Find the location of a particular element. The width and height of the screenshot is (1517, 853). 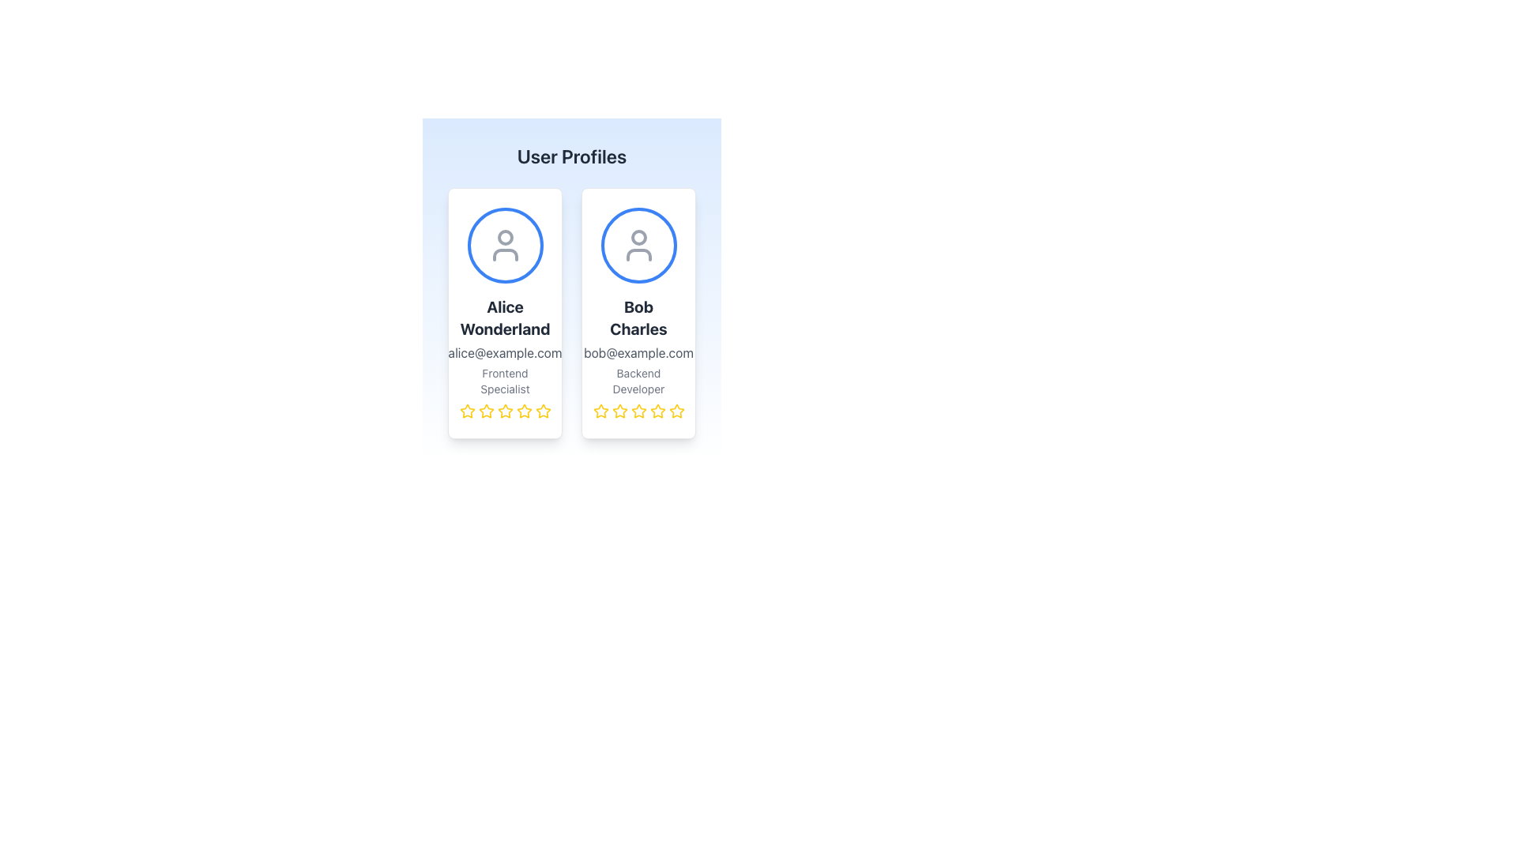

the fifth star icon in the rating system below the 'Alice Wonderland' profile card is located at coordinates (543, 410).